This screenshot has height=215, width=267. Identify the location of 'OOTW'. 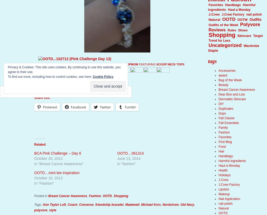
(242, 19).